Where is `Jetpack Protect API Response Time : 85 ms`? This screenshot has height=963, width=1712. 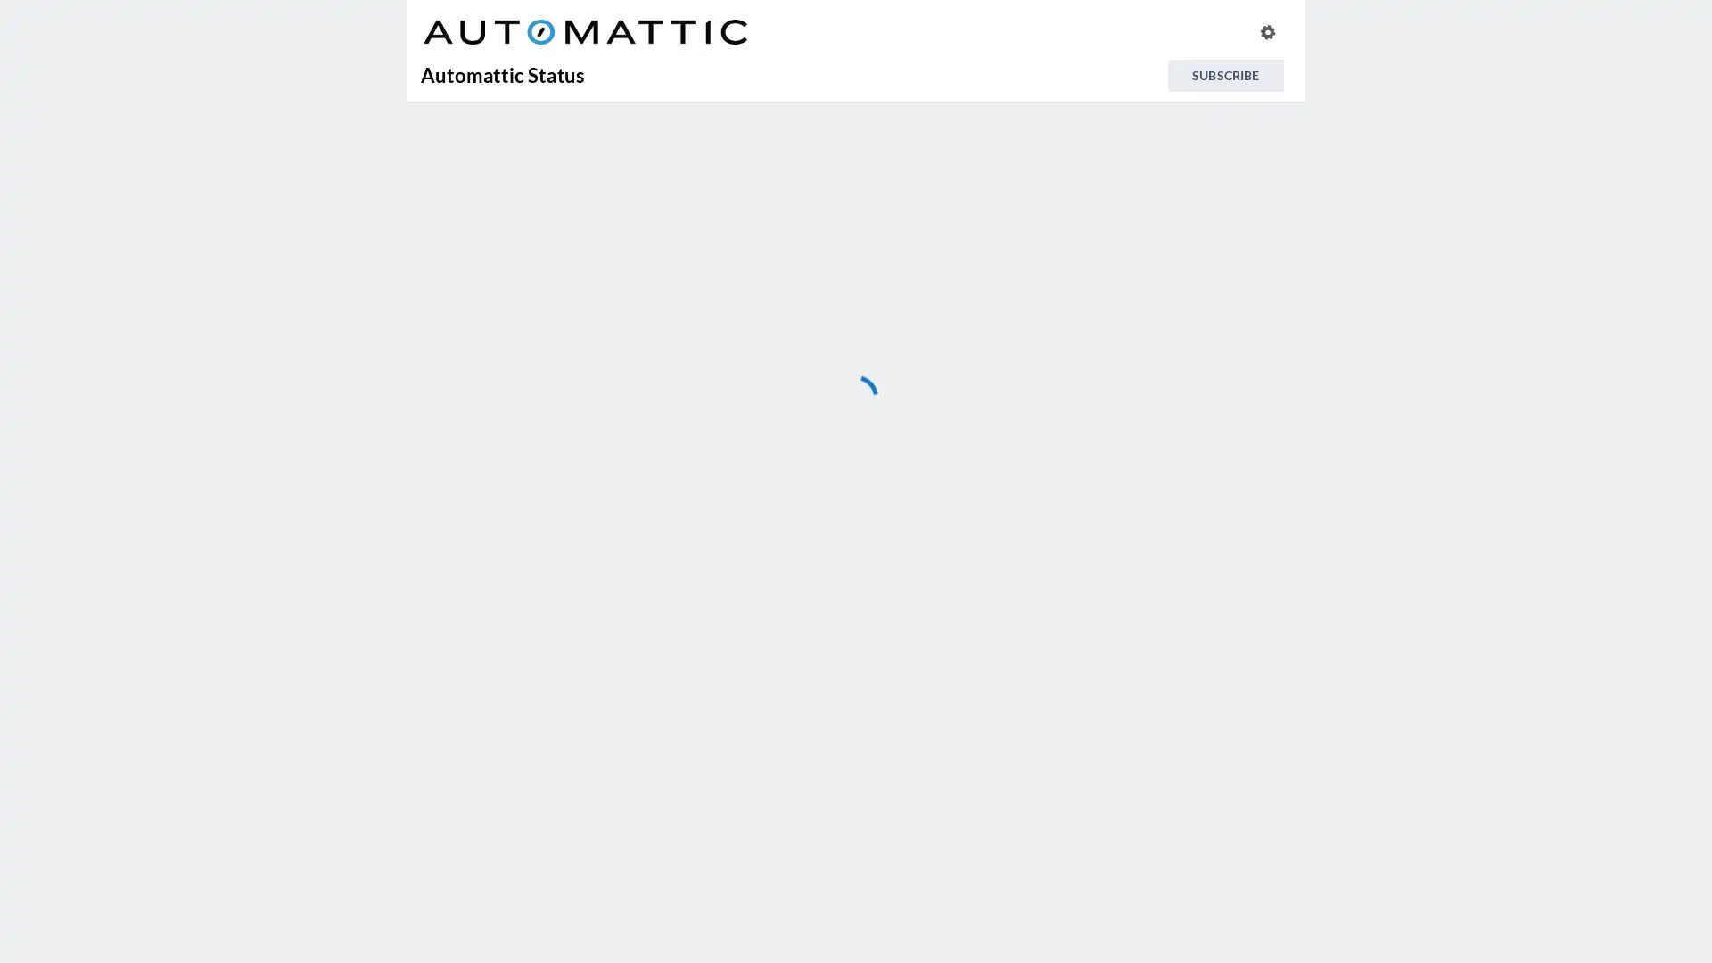
Jetpack Protect API Response Time : 85 ms is located at coordinates (747, 607).